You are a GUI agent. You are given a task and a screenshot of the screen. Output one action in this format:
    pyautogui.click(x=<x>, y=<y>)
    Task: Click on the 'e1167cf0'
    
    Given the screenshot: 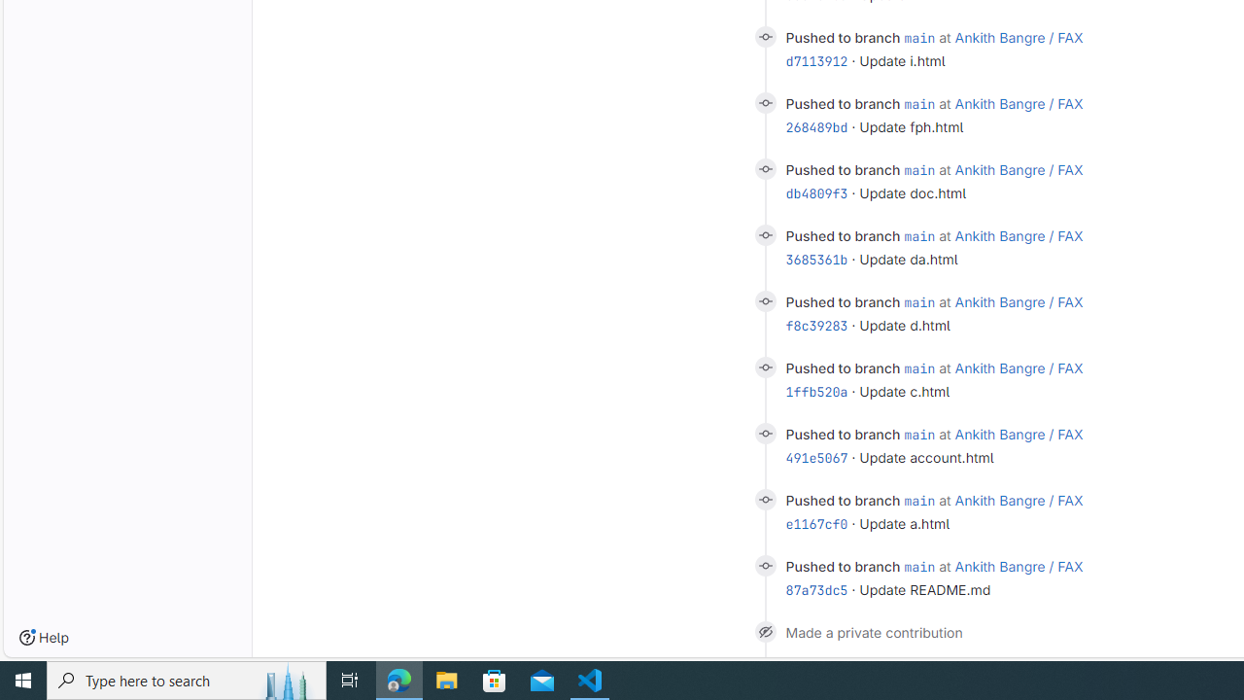 What is the action you would take?
    pyautogui.click(x=816, y=522)
    